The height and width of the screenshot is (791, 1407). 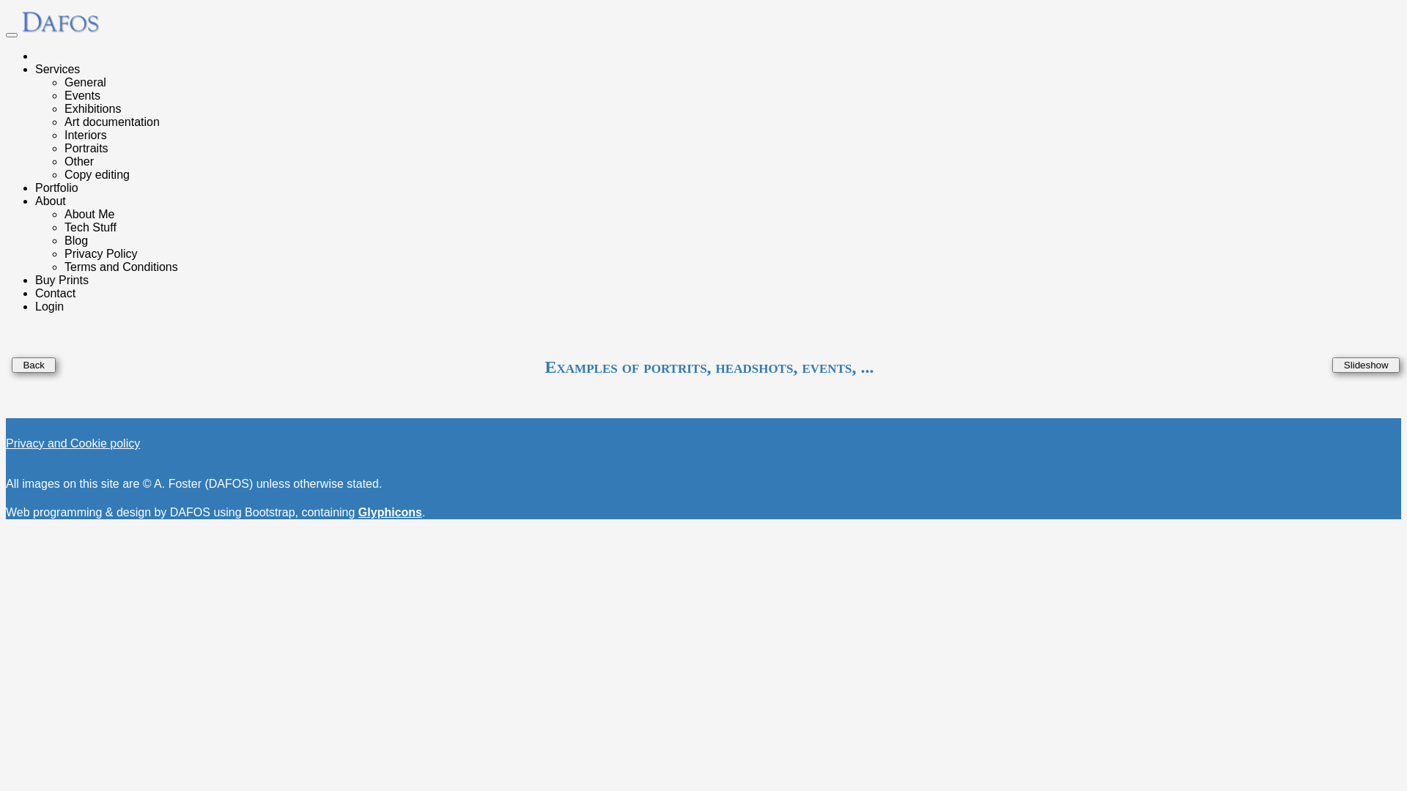 What do you see at coordinates (92, 108) in the screenshot?
I see `'Exhibitions'` at bounding box center [92, 108].